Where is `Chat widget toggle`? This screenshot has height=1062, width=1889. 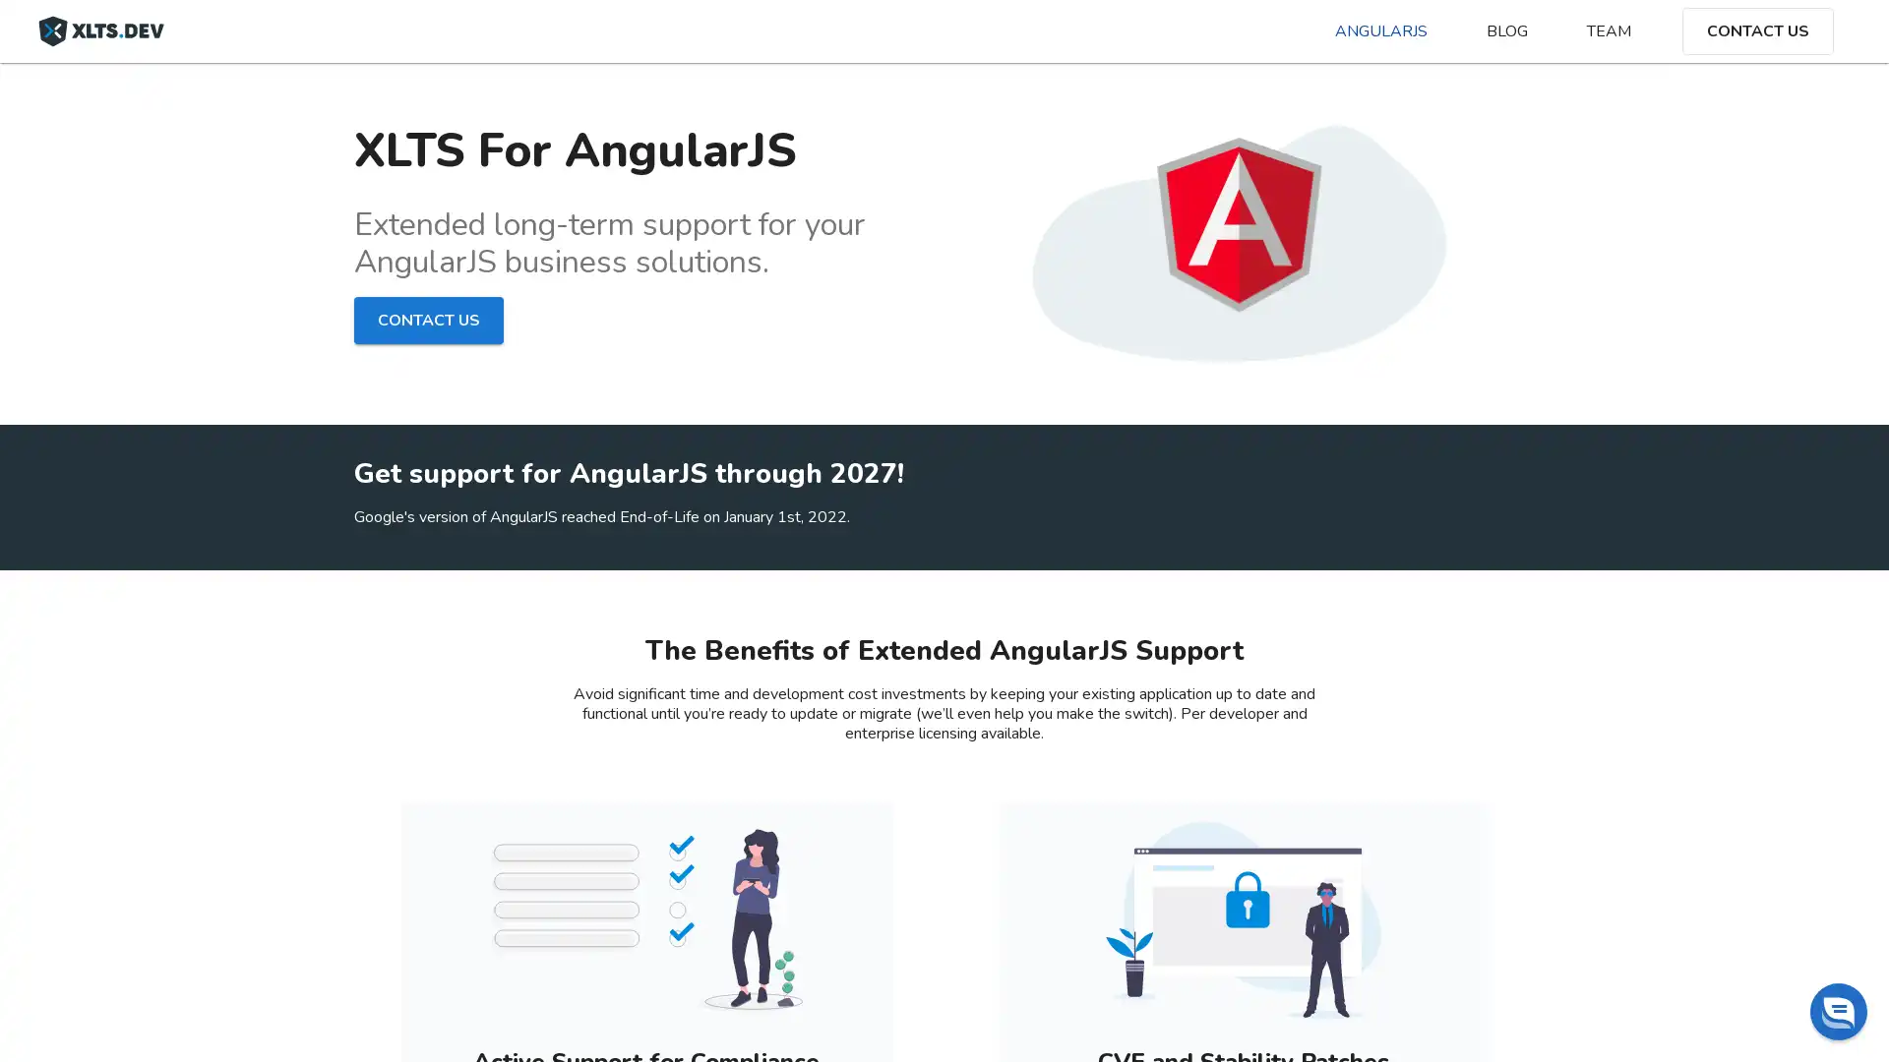
Chat widget toggle is located at coordinates (1837, 1012).